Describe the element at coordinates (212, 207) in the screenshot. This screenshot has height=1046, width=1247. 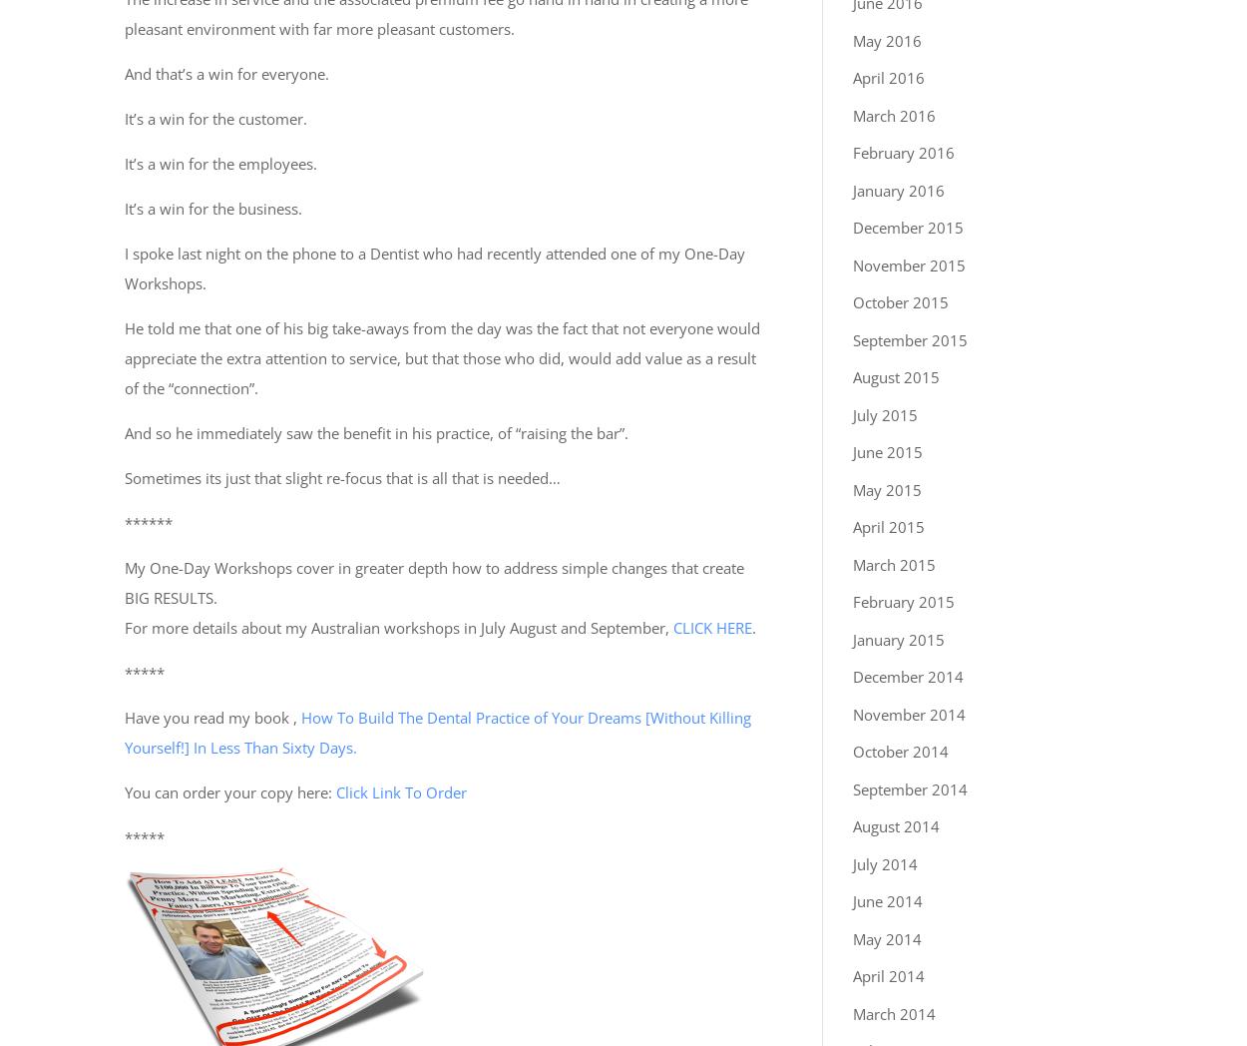
I see `'It’s a win for the business.'` at that location.